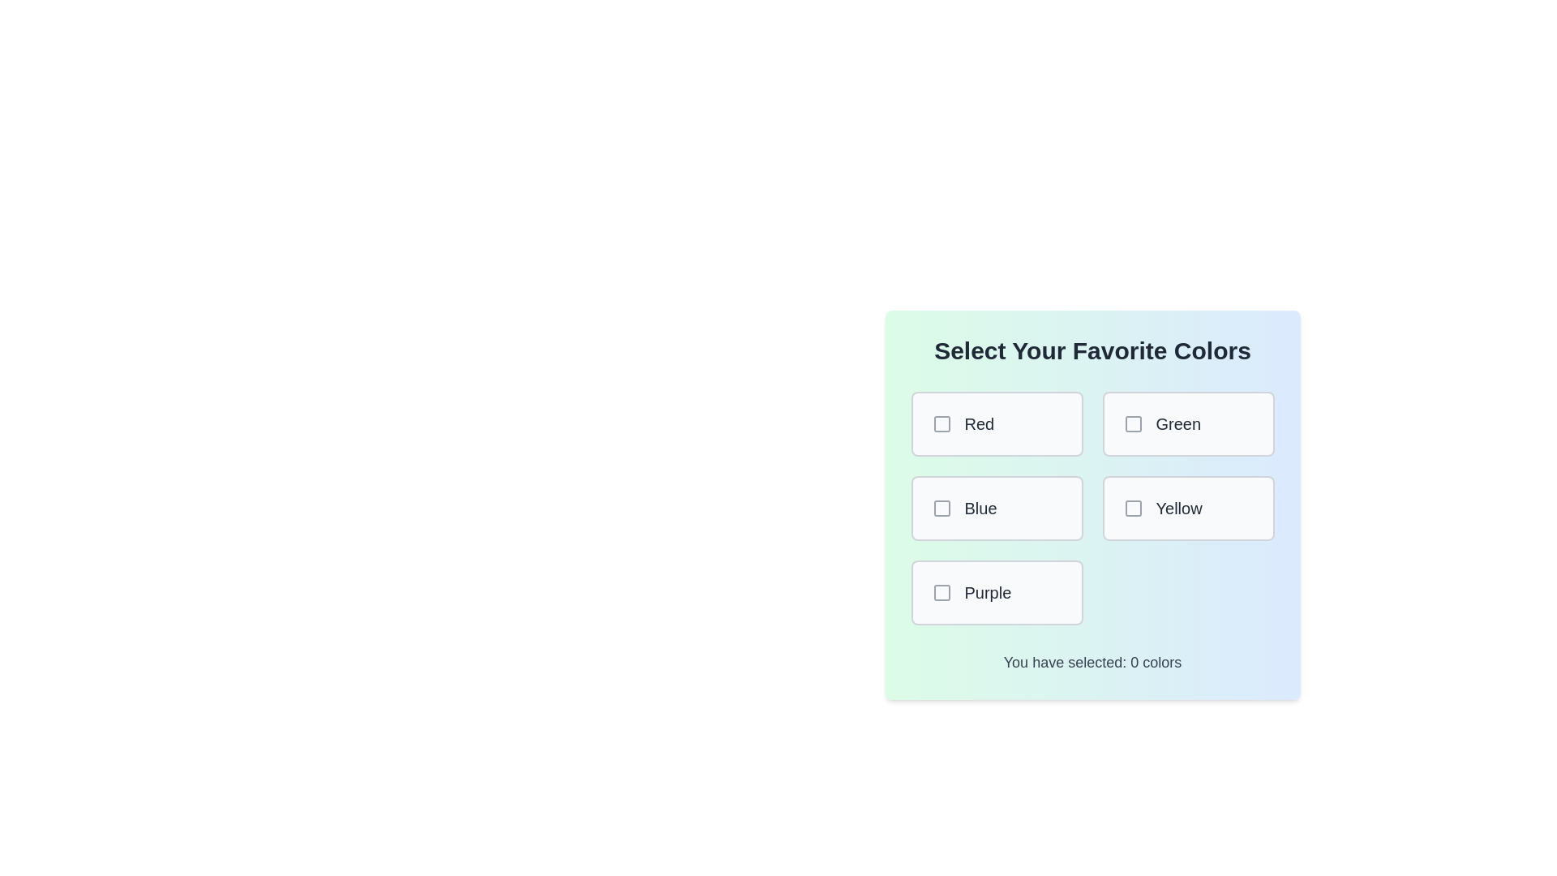  What do you see at coordinates (996, 593) in the screenshot?
I see `the color box labeled Purple` at bounding box center [996, 593].